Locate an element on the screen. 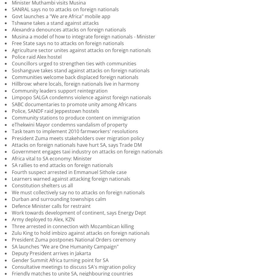  'Communities welcome back displaced foreign nationals' is located at coordinates (75, 77).